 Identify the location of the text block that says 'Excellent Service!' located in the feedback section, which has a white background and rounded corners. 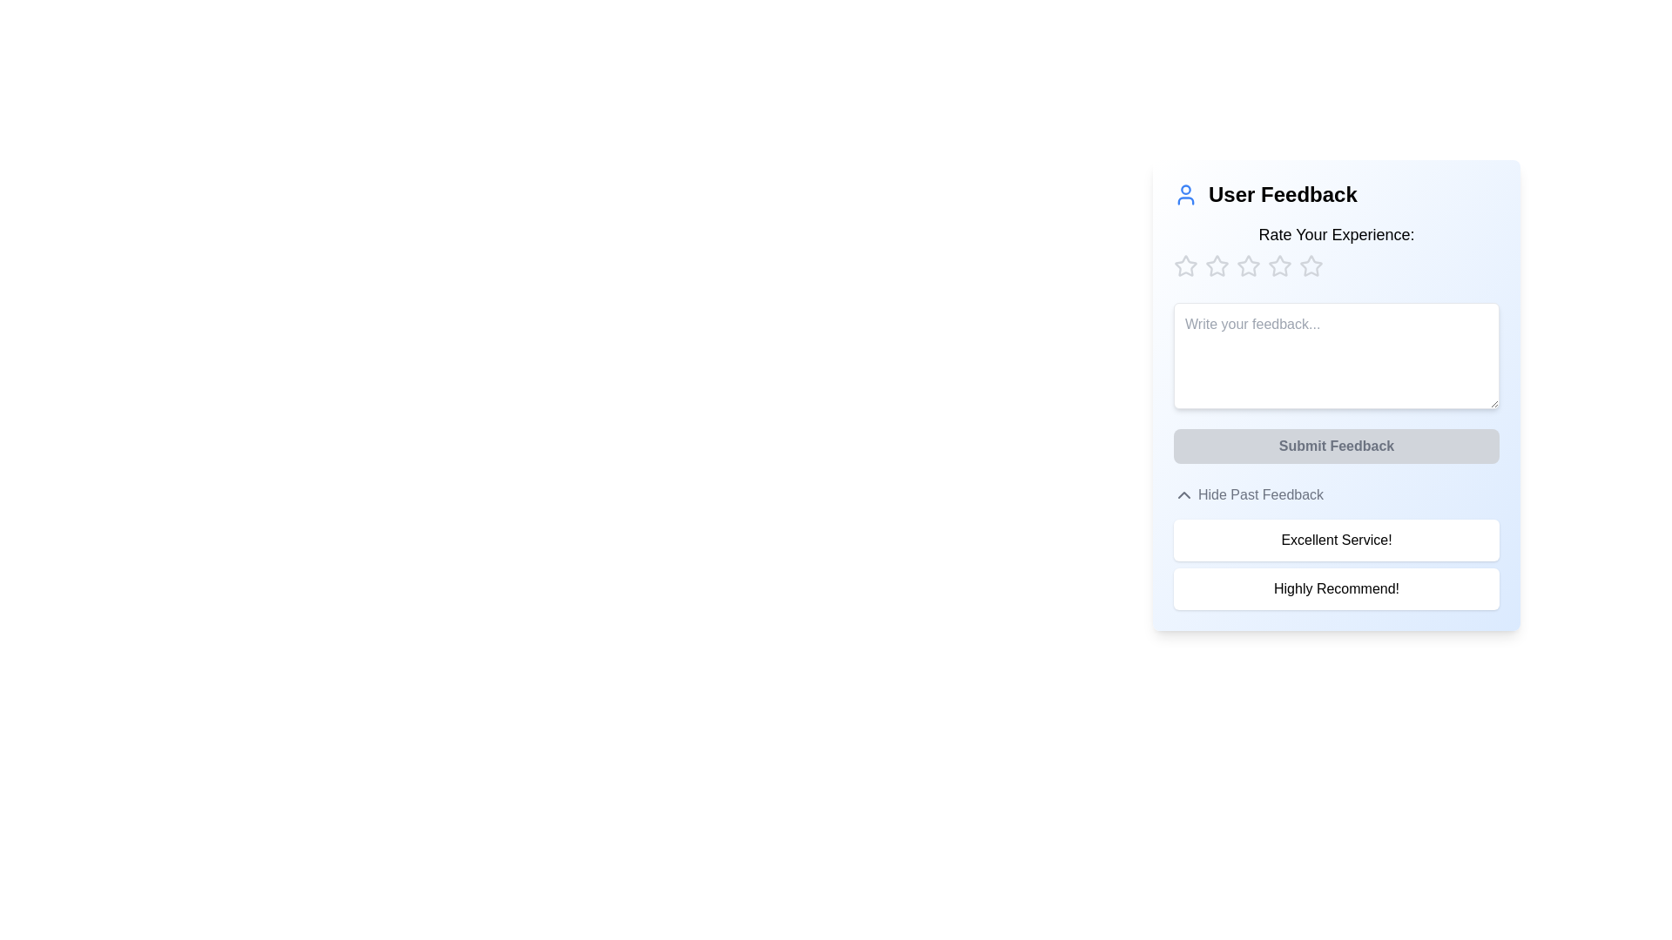
(1336, 540).